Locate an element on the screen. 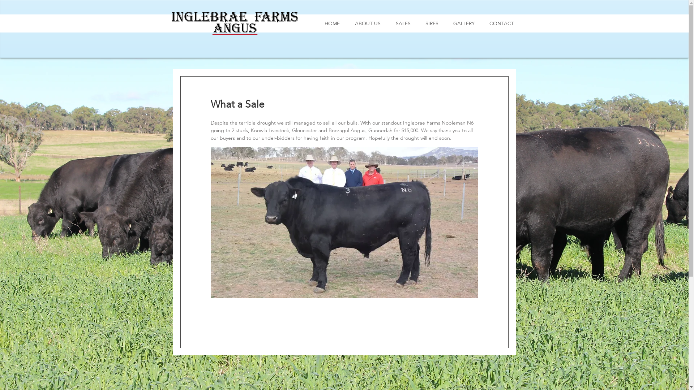  'HOME' is located at coordinates (331, 23).